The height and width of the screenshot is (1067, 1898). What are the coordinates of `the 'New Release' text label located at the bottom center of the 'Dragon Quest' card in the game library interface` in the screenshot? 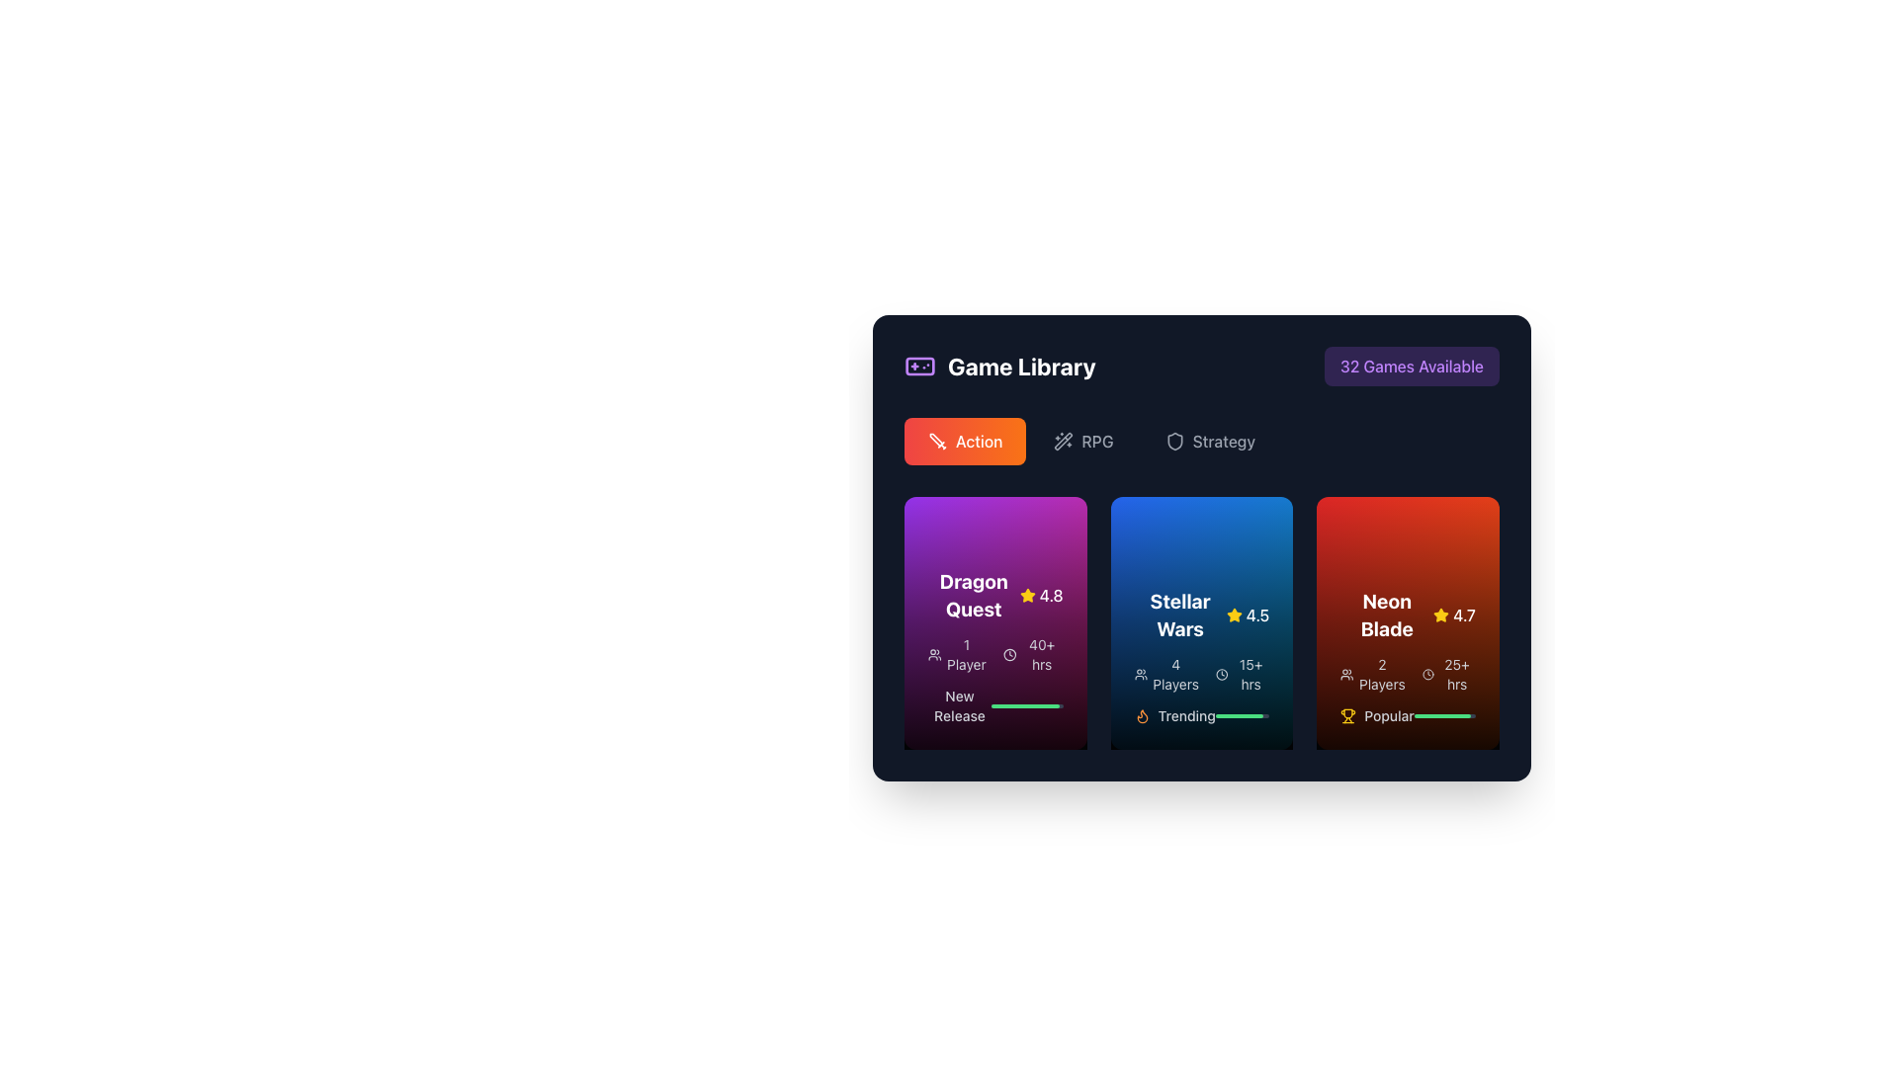 It's located at (959, 704).